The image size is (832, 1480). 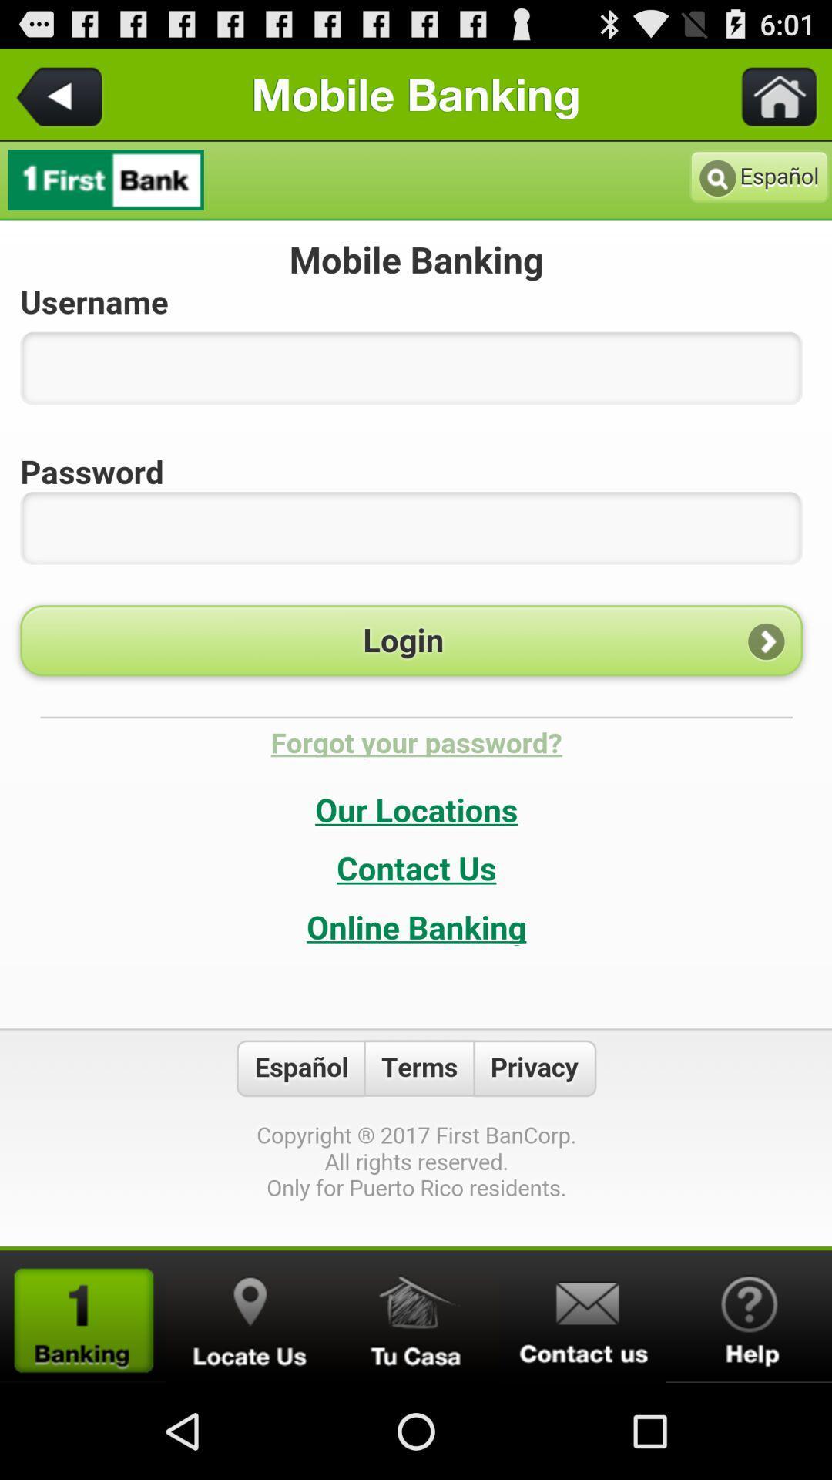 What do you see at coordinates (249, 1316) in the screenshot?
I see `look for locations` at bounding box center [249, 1316].